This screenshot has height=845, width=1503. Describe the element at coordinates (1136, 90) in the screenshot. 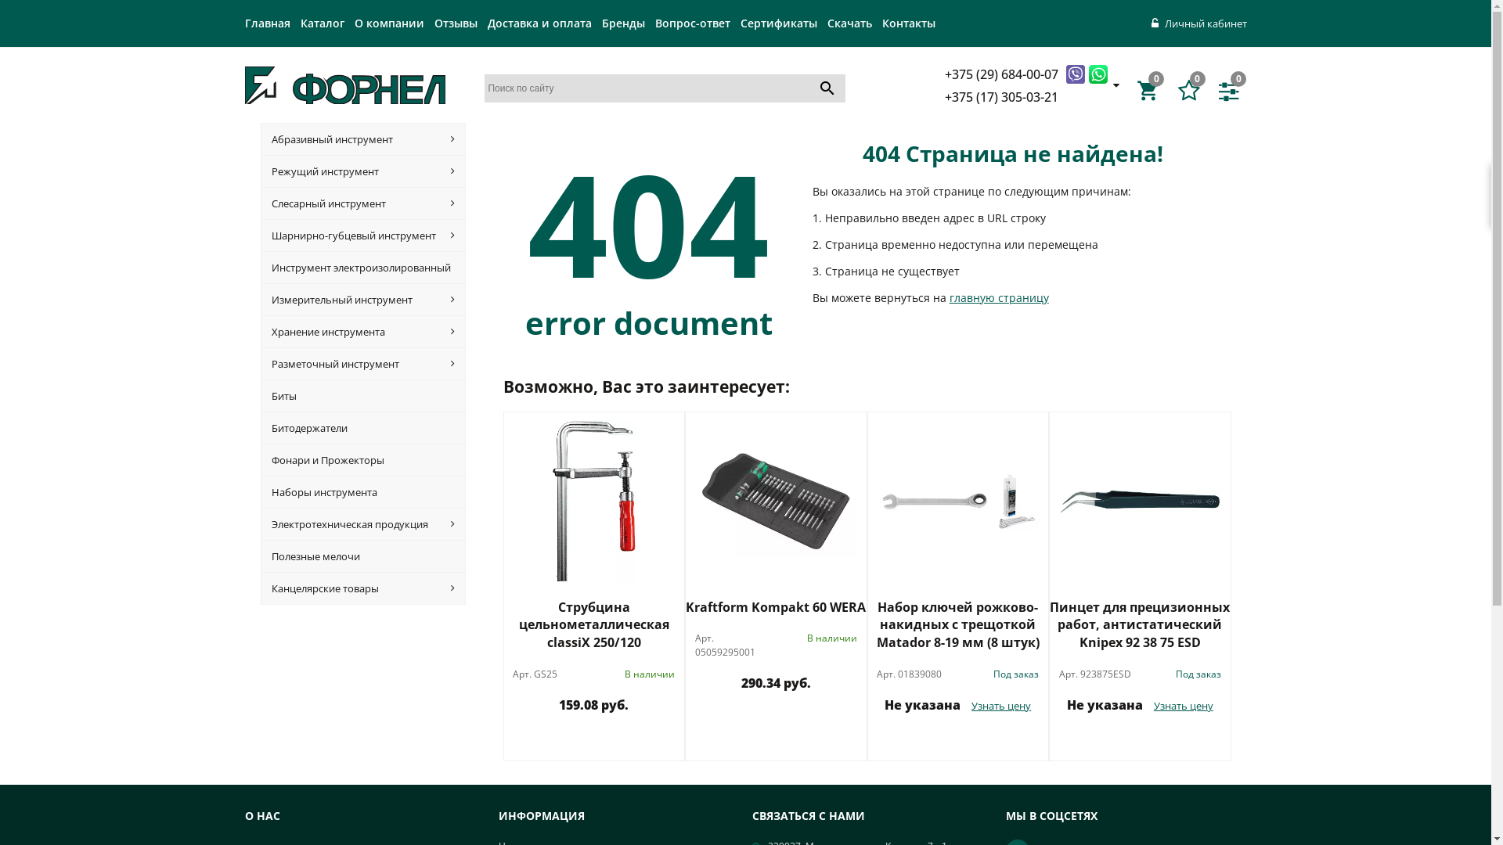

I see `'local_grocery_store` at that location.